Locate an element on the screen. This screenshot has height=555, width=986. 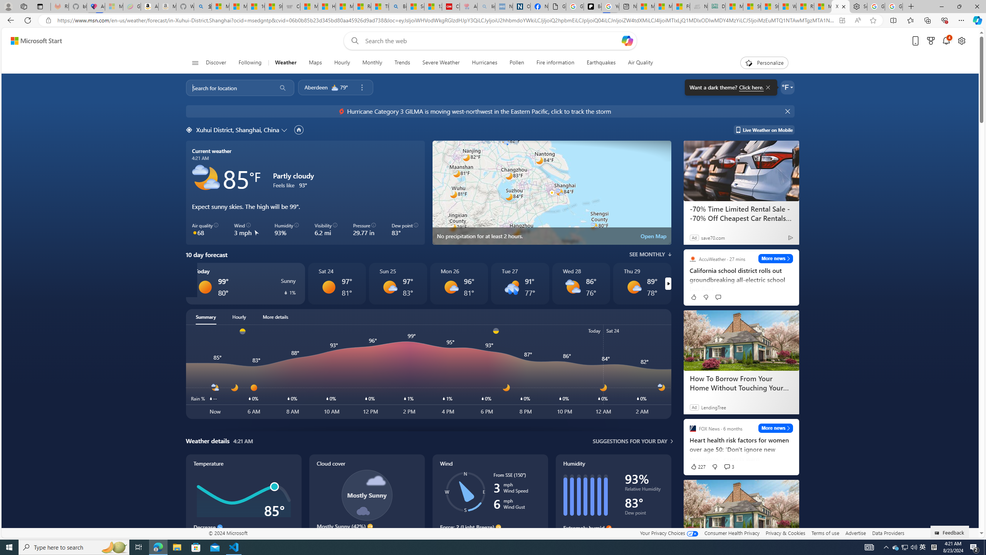
'Earthquakes' is located at coordinates (601, 62).